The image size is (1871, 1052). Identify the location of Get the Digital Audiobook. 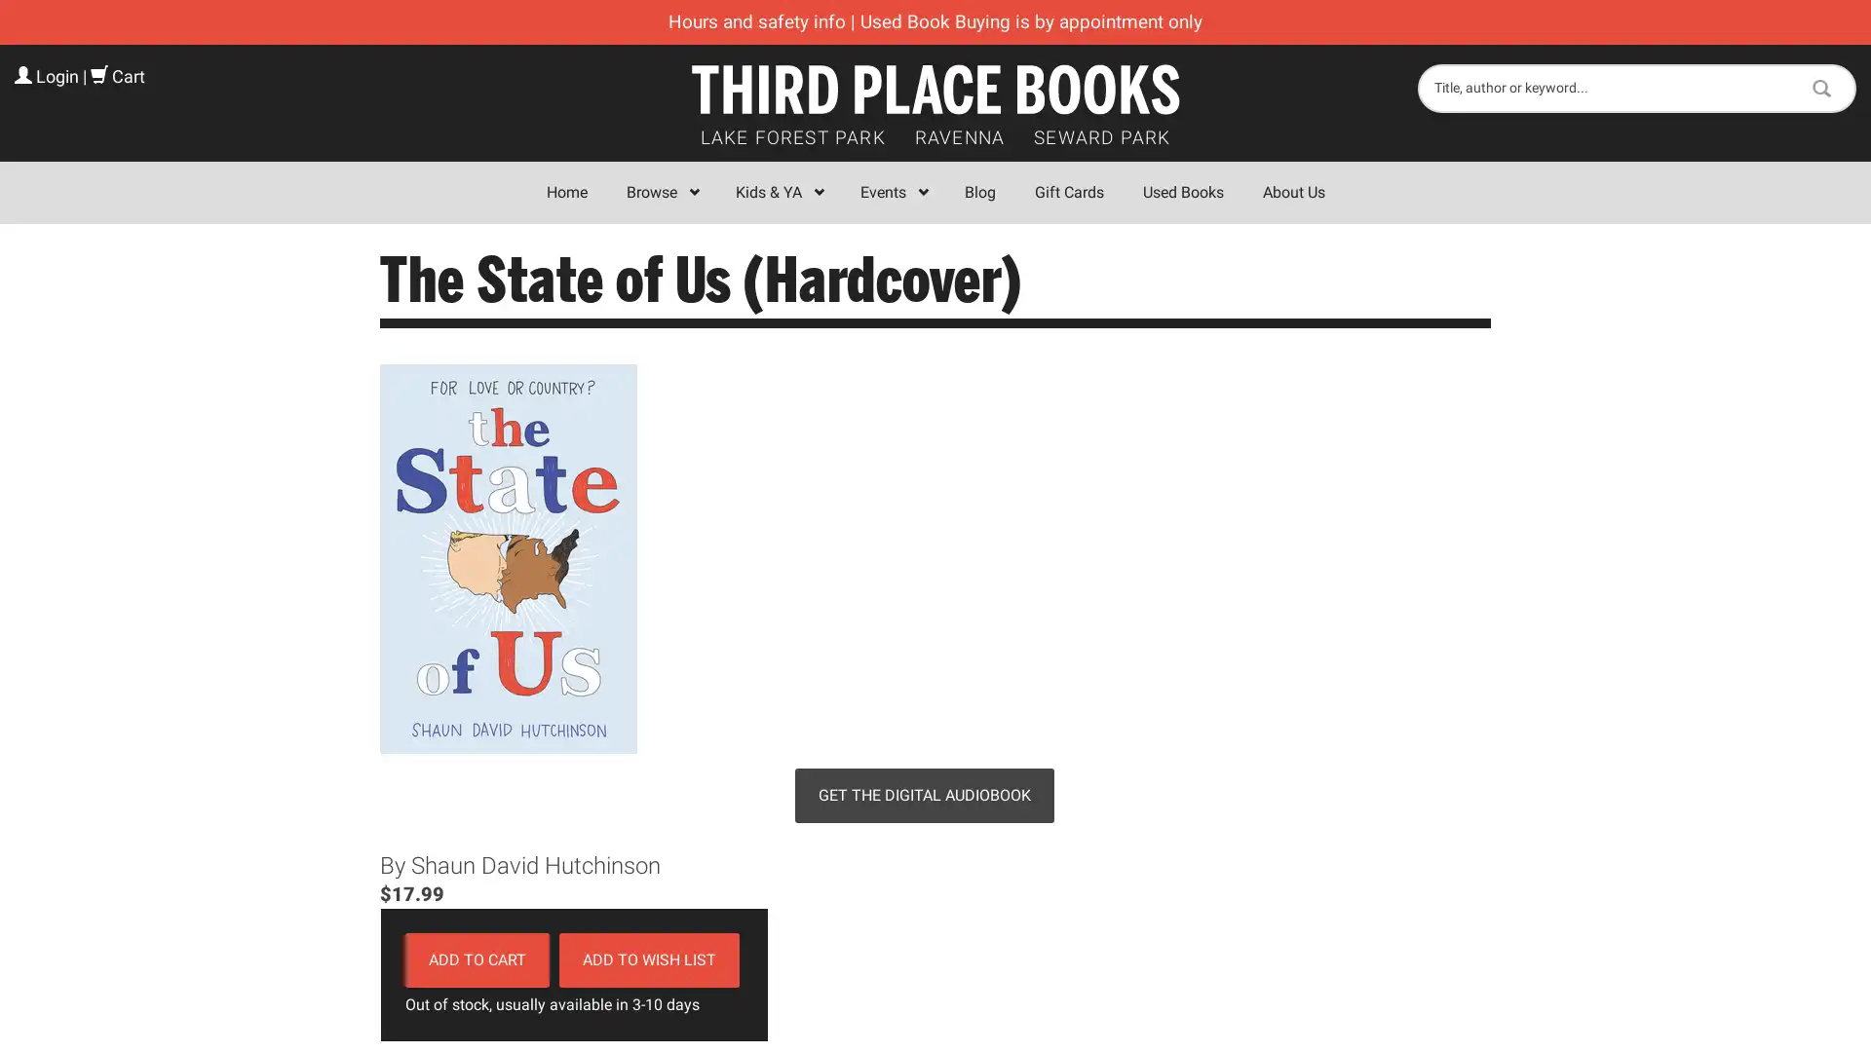
(923, 795).